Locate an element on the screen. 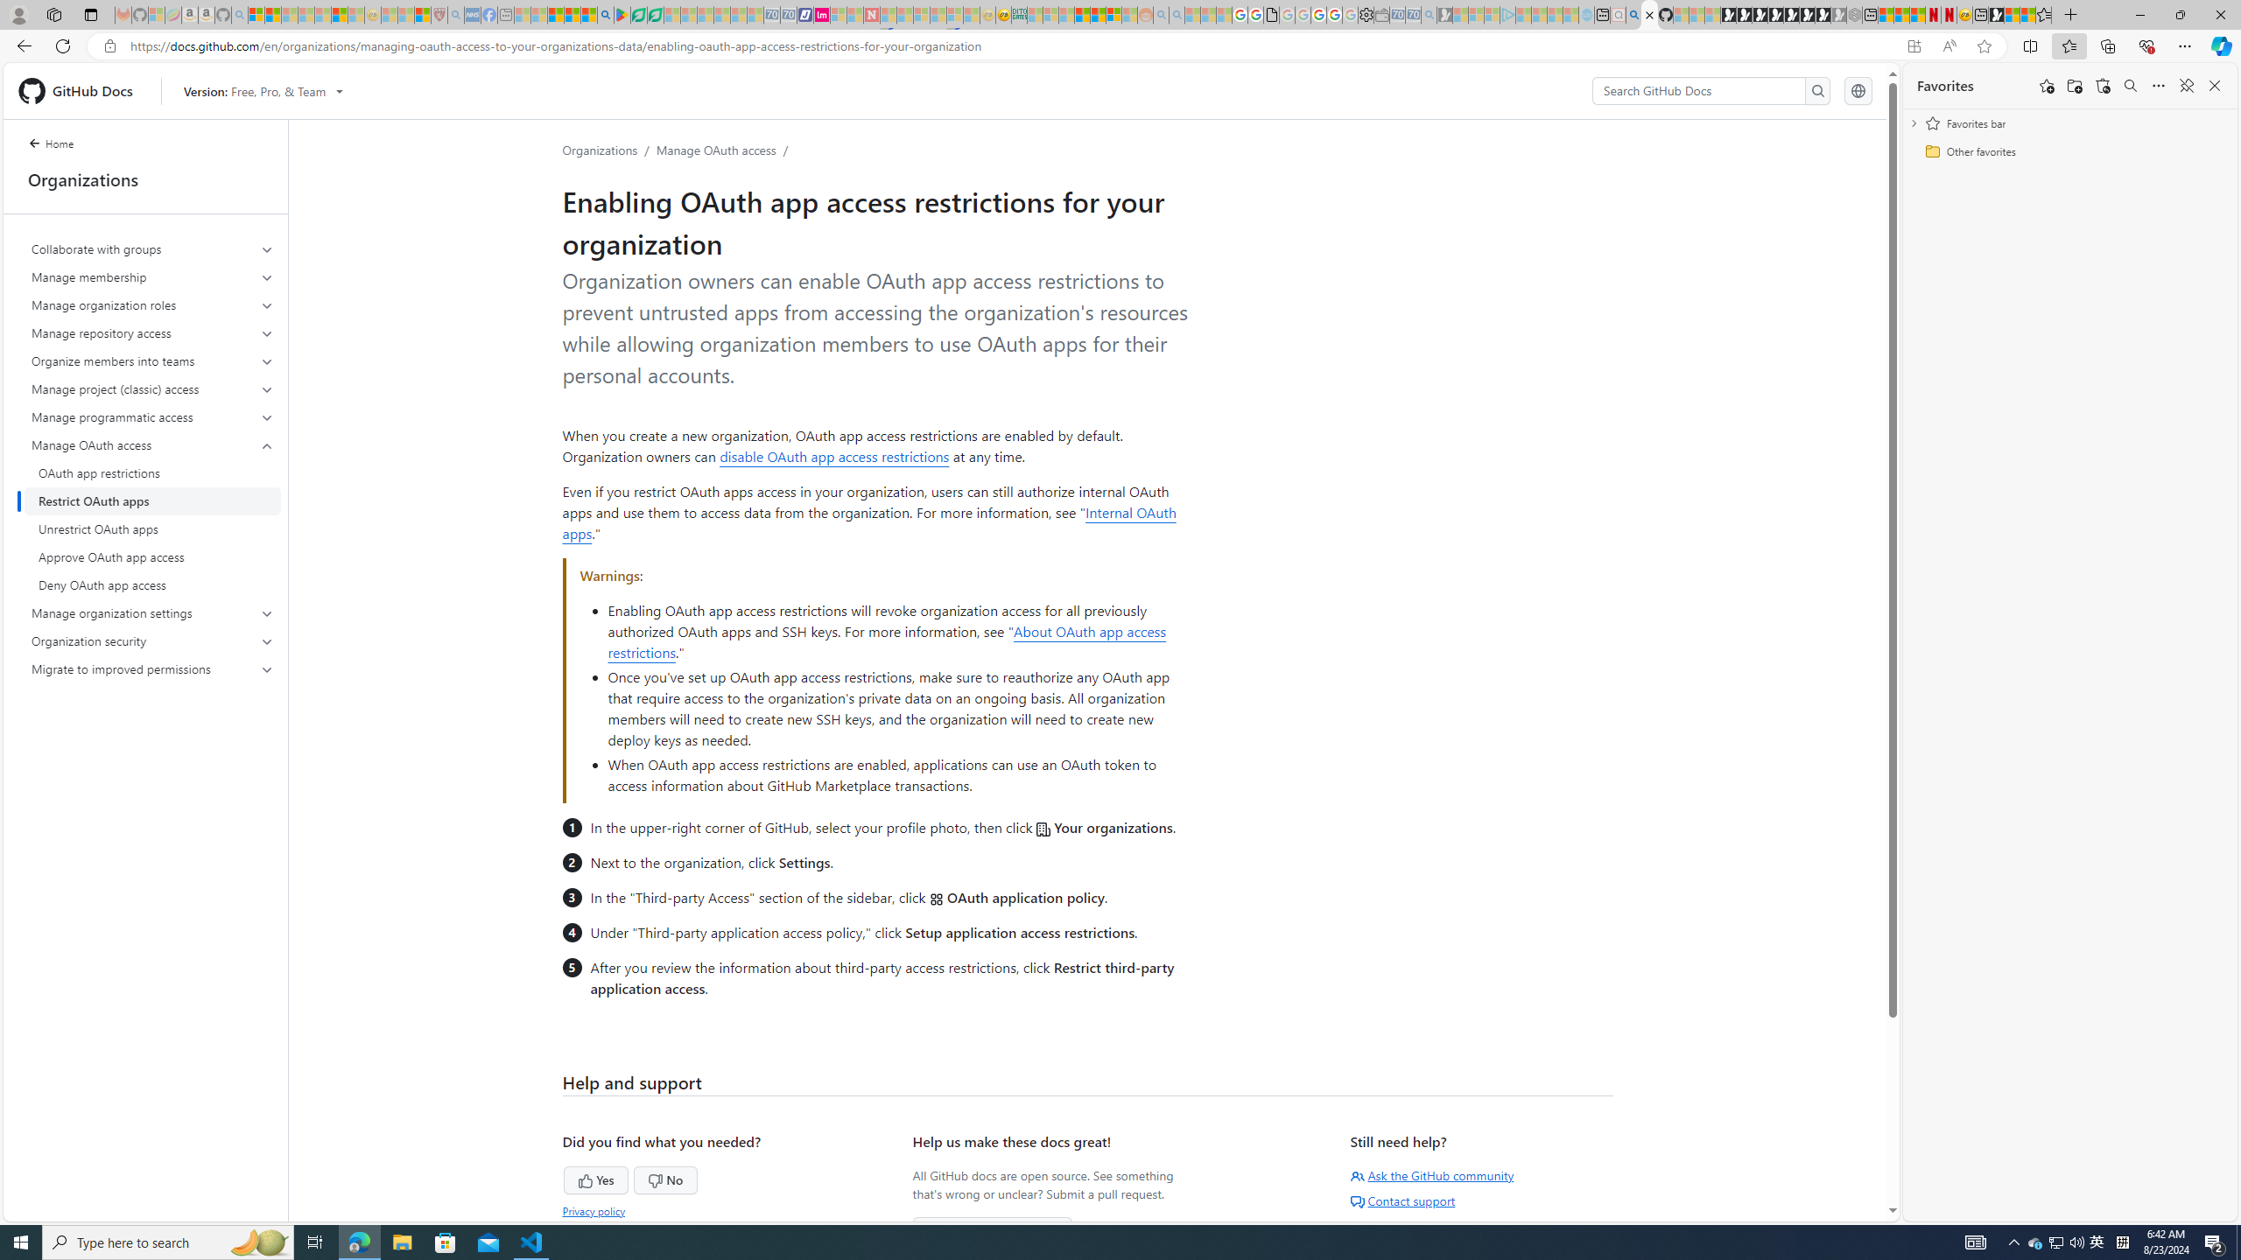  'Select language: current language is English' is located at coordinates (1858, 90).